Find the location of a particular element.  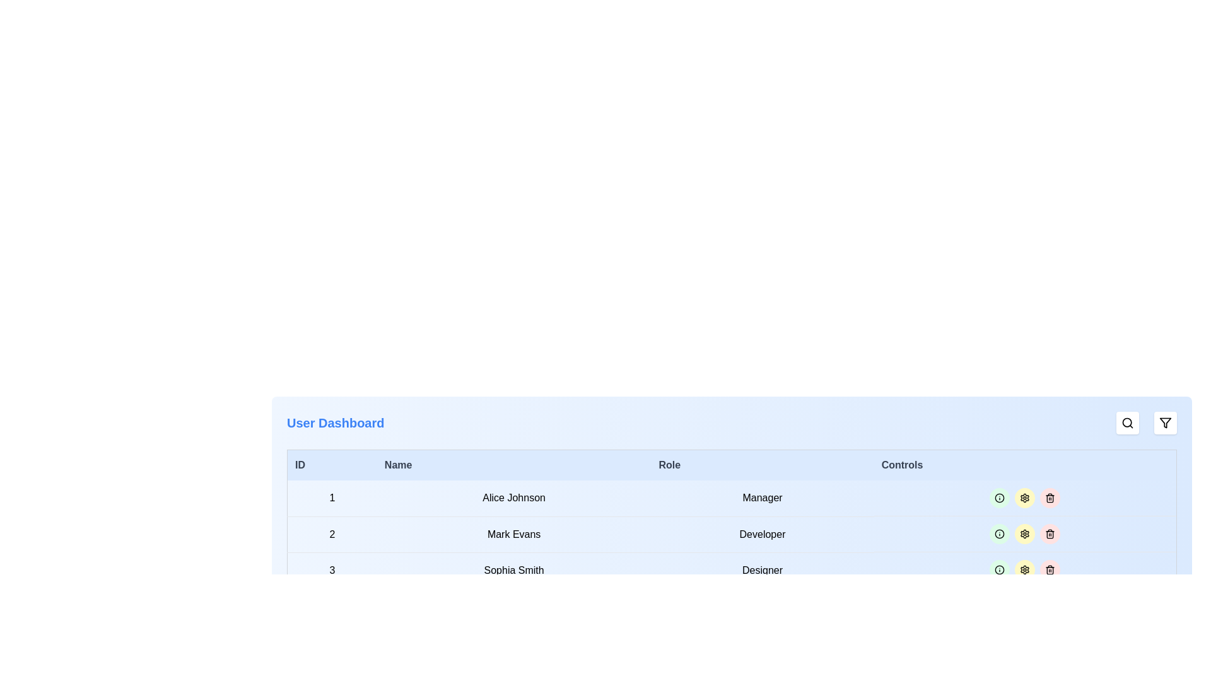

the static text element displaying the number '2' in the second row of the ID column within a table, which has a light blue background is located at coordinates (332, 534).